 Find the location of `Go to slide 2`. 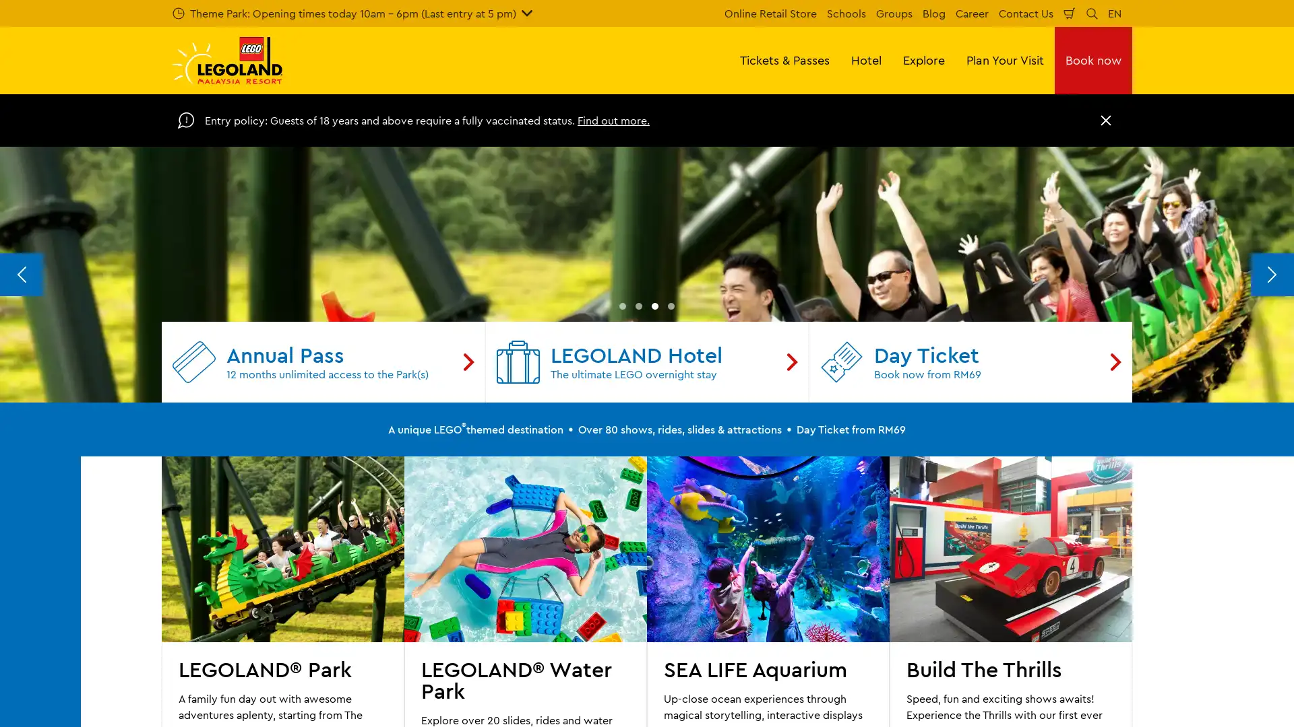

Go to slide 2 is located at coordinates (638, 574).